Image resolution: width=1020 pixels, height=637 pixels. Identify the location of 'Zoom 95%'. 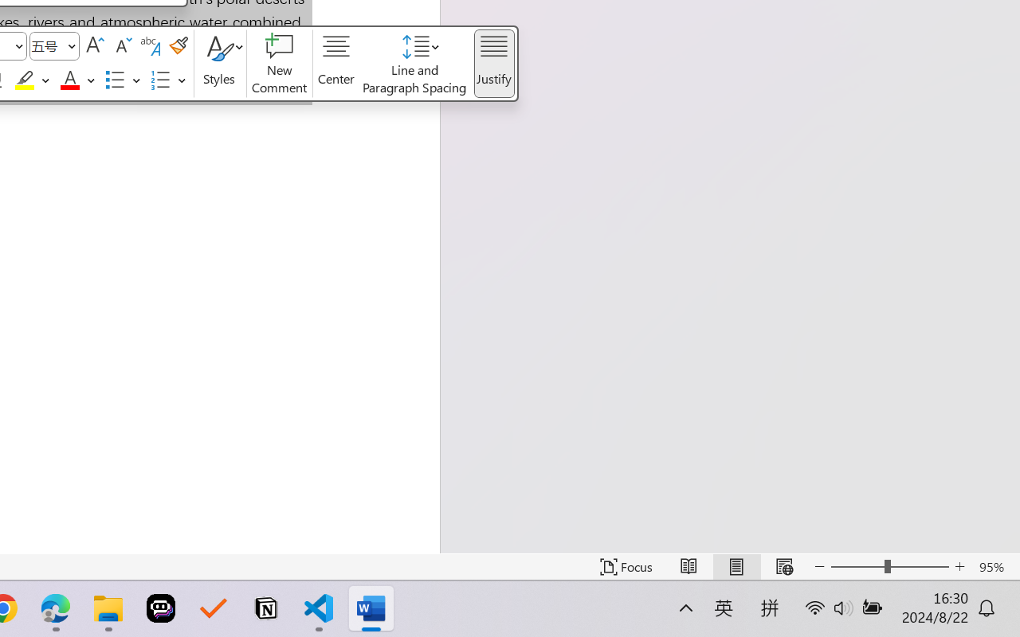
(994, 566).